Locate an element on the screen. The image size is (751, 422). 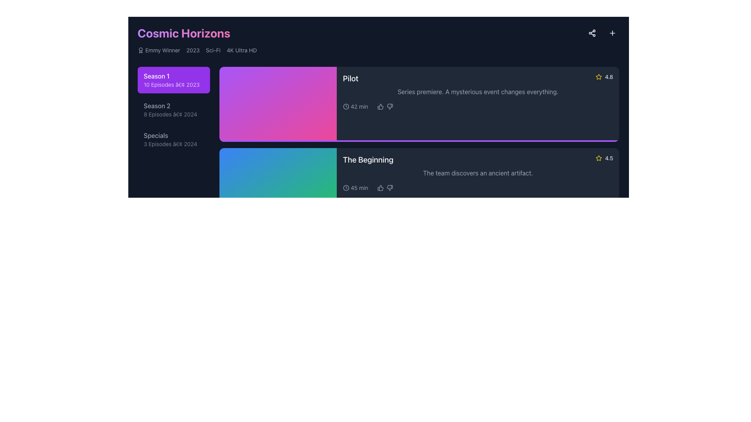
the icon that visually indicates the duration of the episode, positioned to the left of the text '45 min' in the information panel below the title 'The Beginning' is located at coordinates (345, 188).